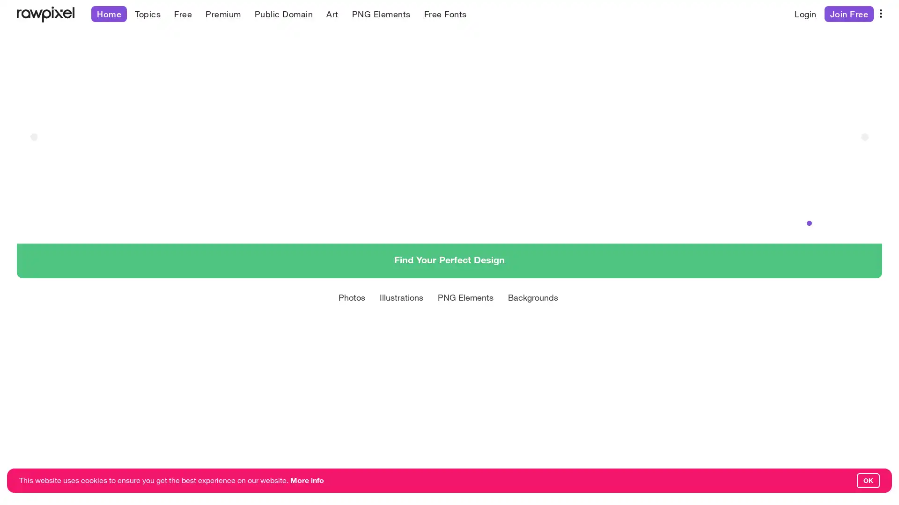 The height and width of the screenshot is (505, 899). I want to click on Save, so click(32, 474).